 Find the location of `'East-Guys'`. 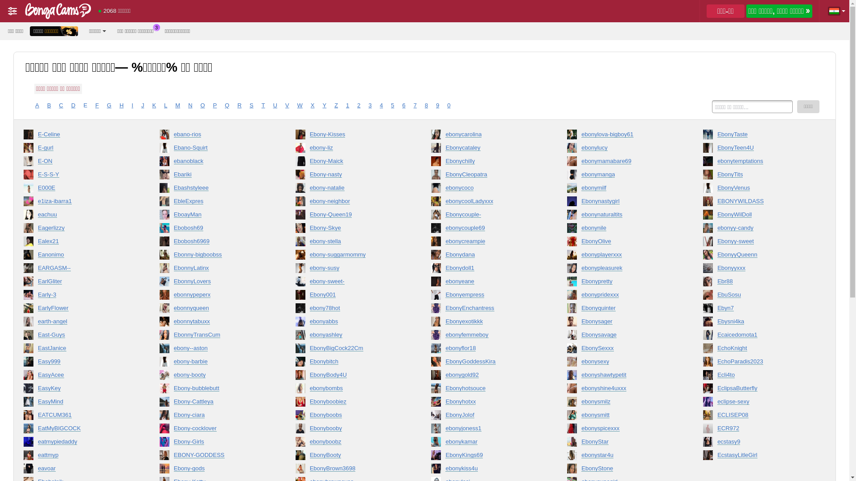

'East-Guys' is located at coordinates (79, 337).